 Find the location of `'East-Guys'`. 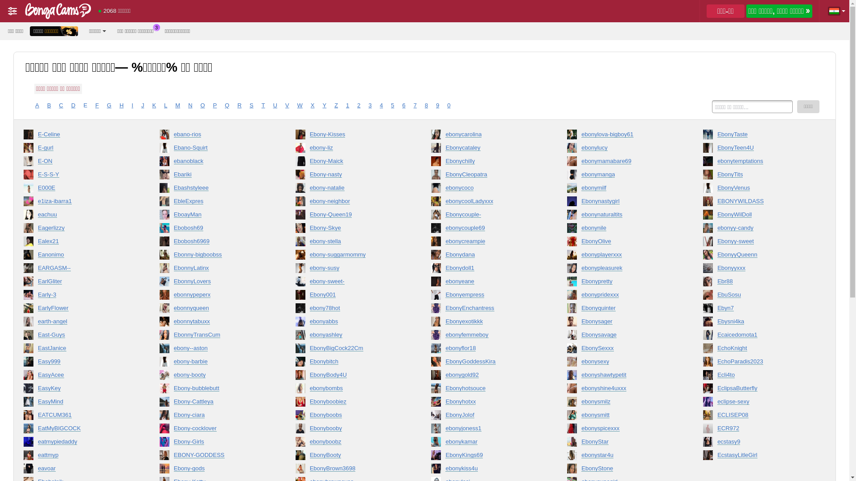

'East-Guys' is located at coordinates (79, 337).